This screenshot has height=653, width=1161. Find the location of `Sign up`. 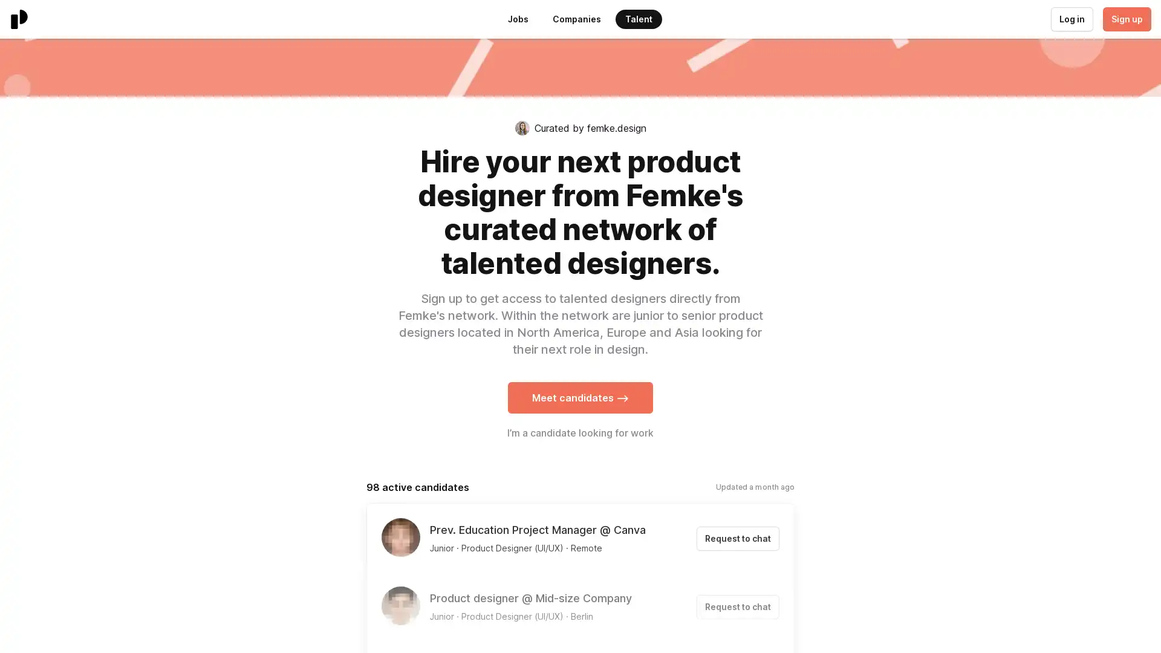

Sign up is located at coordinates (1125, 19).